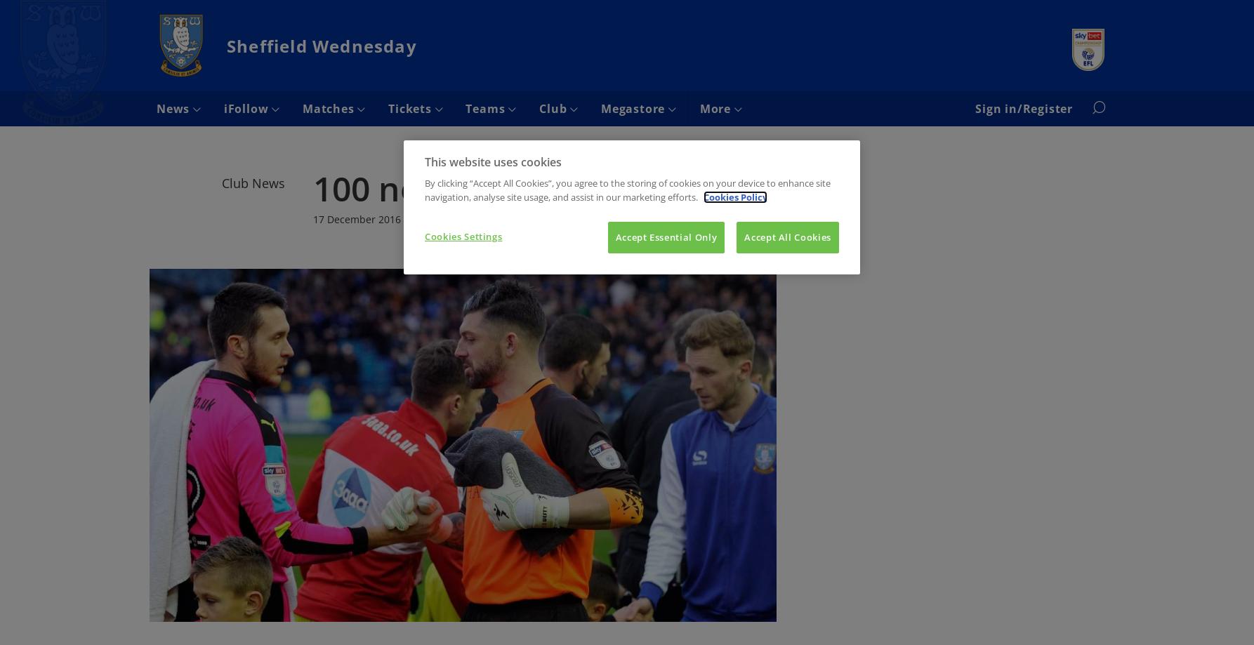  Describe the element at coordinates (329, 108) in the screenshot. I see `'Matches'` at that location.